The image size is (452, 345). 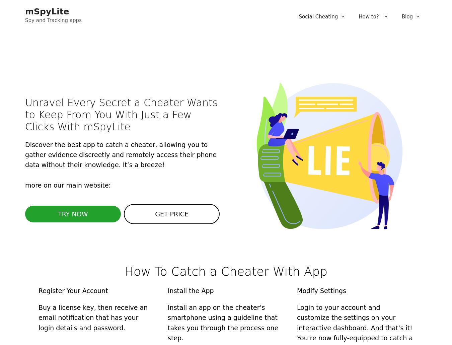 I want to click on 'Discover the best app to catch a cheater, allowing you to gather evidence discreetly and remotely access their phone data without their knowledge. It’s a breeze!', so click(x=121, y=154).